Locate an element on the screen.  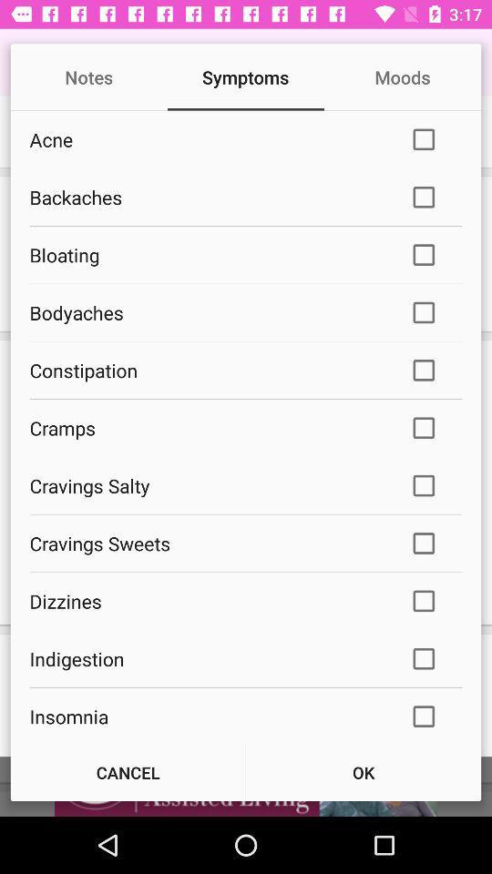
item below the bloating is located at coordinates (206, 312).